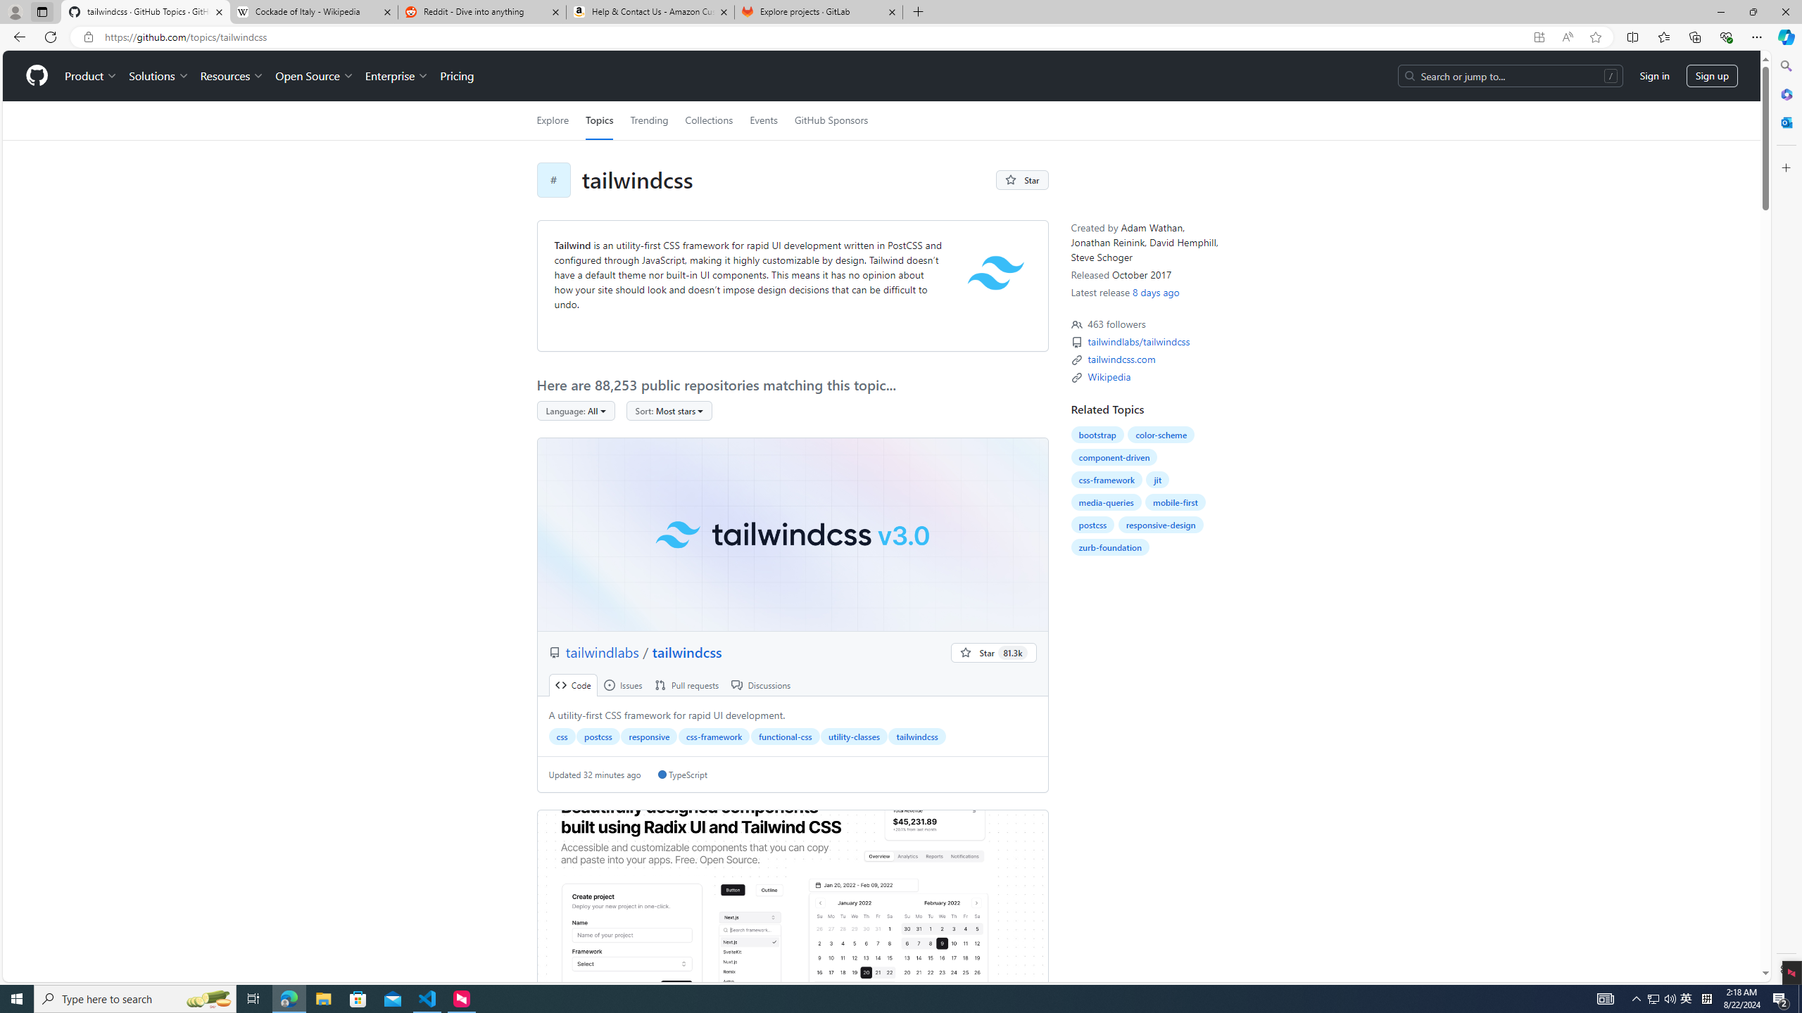 The width and height of the screenshot is (1802, 1013). What do you see at coordinates (831, 120) in the screenshot?
I see `'GitHub Sponsors'` at bounding box center [831, 120].